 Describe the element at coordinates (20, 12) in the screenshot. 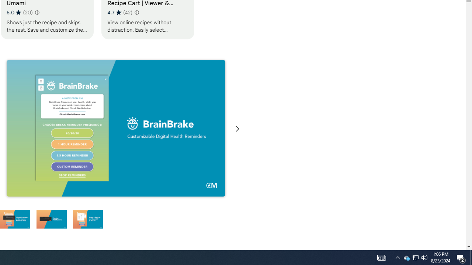

I see `'Average rating 5 out of 5 stars. 20 ratings.'` at that location.